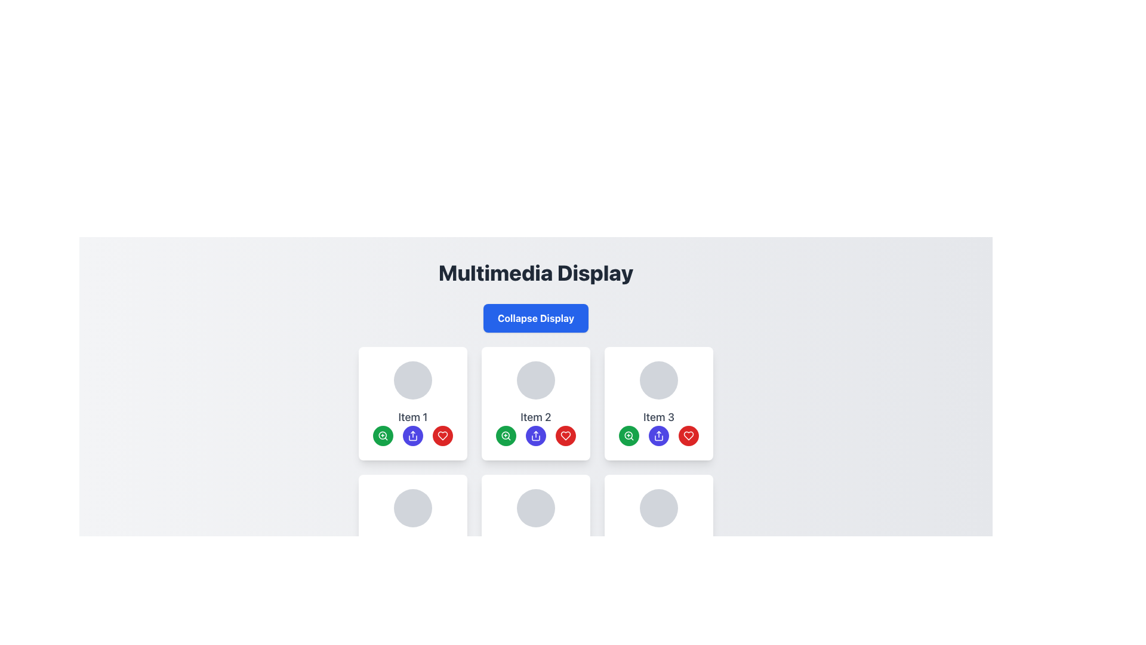 The image size is (1146, 645). Describe the element at coordinates (535, 272) in the screenshot. I see `the text label that displays 'Multimedia Display', which is styled in bold, extra-large dark gray font and is centrally positioned above the 'Collapse Display' button` at that location.